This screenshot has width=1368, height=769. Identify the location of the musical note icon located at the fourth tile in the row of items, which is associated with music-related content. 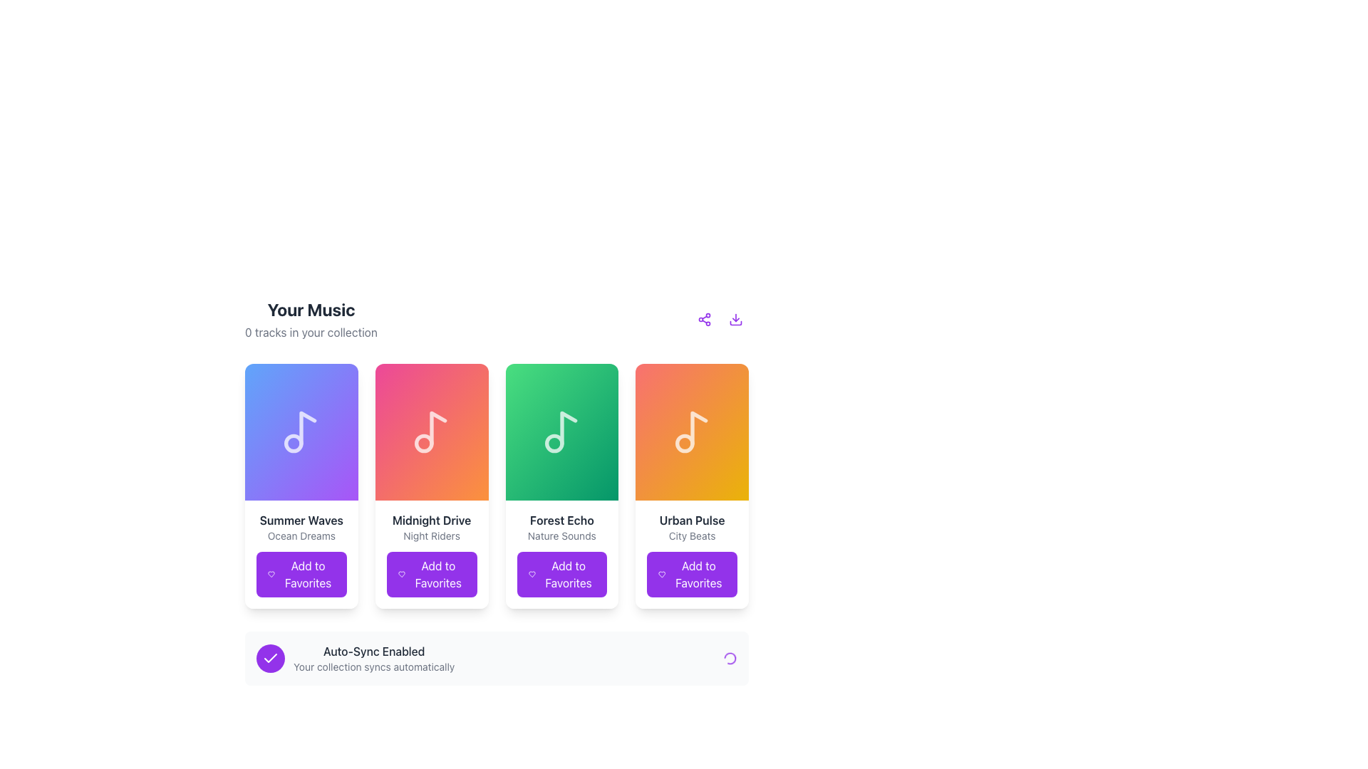
(692, 431).